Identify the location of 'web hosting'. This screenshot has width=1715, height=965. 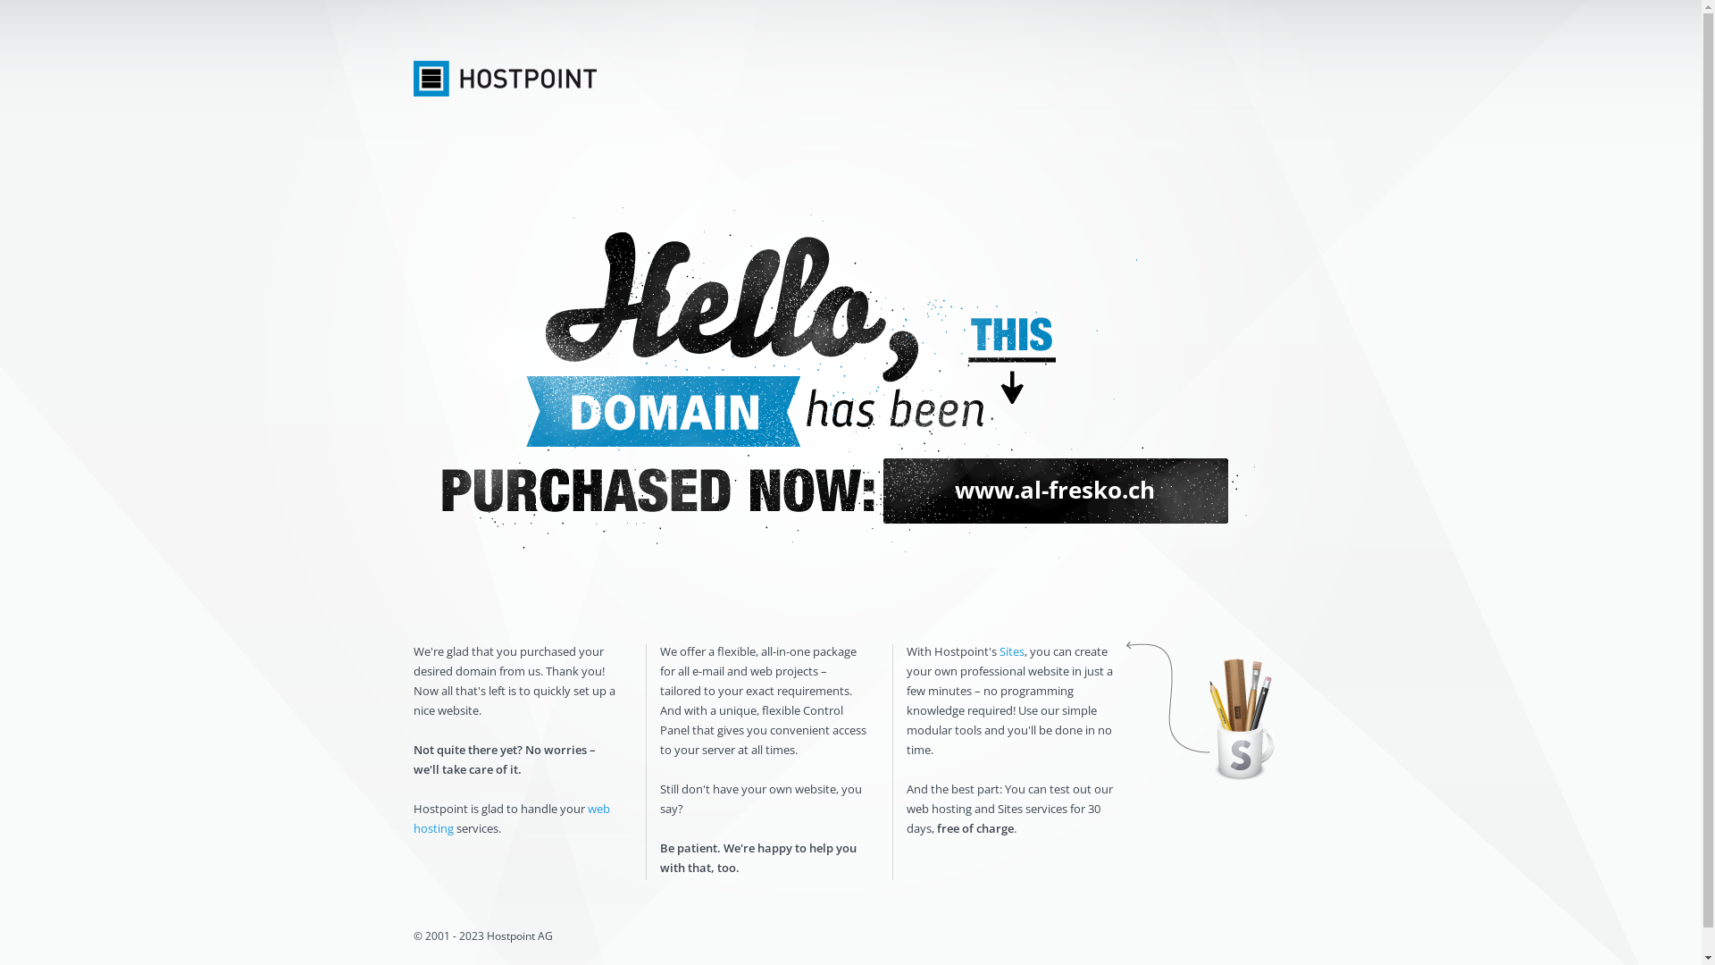
(509, 818).